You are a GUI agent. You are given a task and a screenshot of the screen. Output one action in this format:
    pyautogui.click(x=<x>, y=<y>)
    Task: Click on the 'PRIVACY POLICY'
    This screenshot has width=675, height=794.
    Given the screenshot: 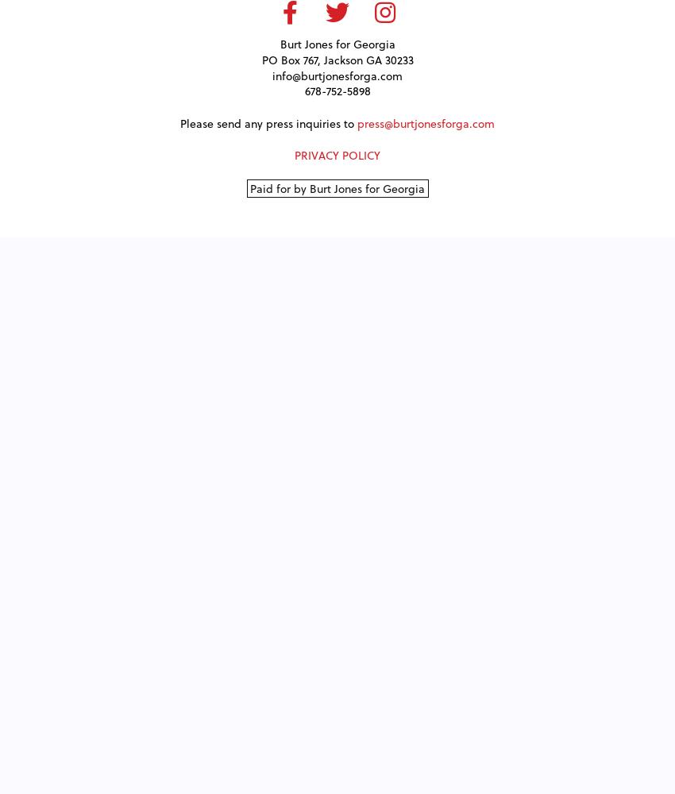 What is the action you would take?
    pyautogui.click(x=337, y=154)
    